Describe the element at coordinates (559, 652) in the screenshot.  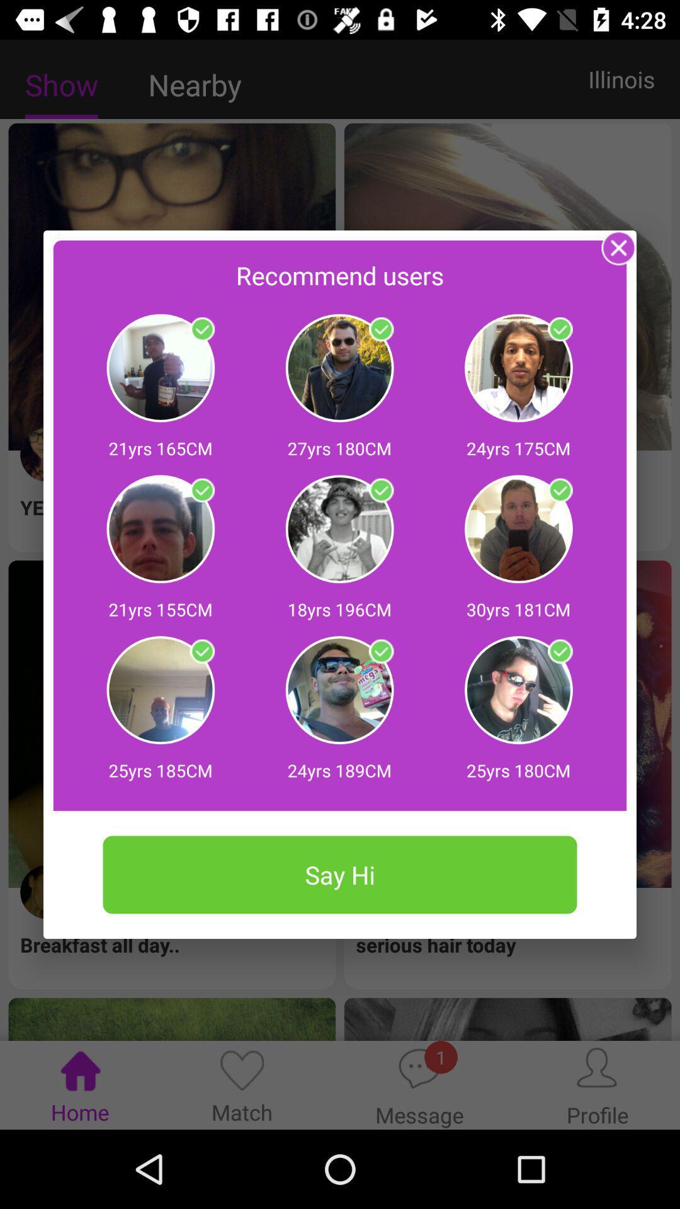
I see `check out the user profile` at that location.